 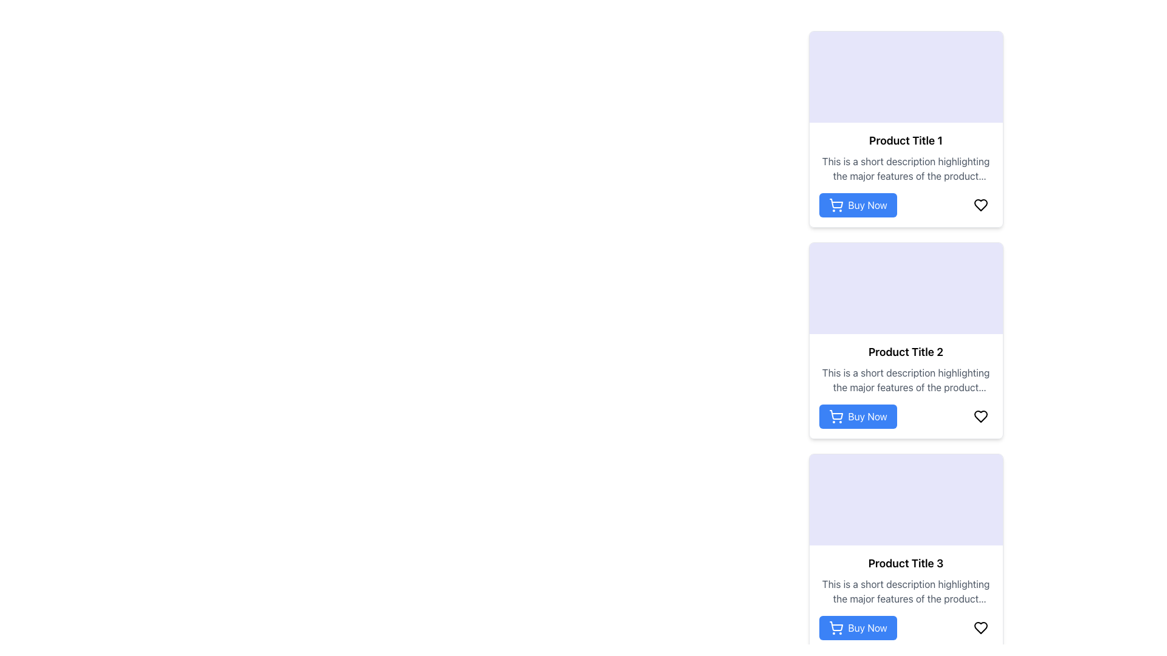 I want to click on the text label that describes the product features, located beneath 'Product Title 1' and above the 'Buy Now' button, so click(x=906, y=168).